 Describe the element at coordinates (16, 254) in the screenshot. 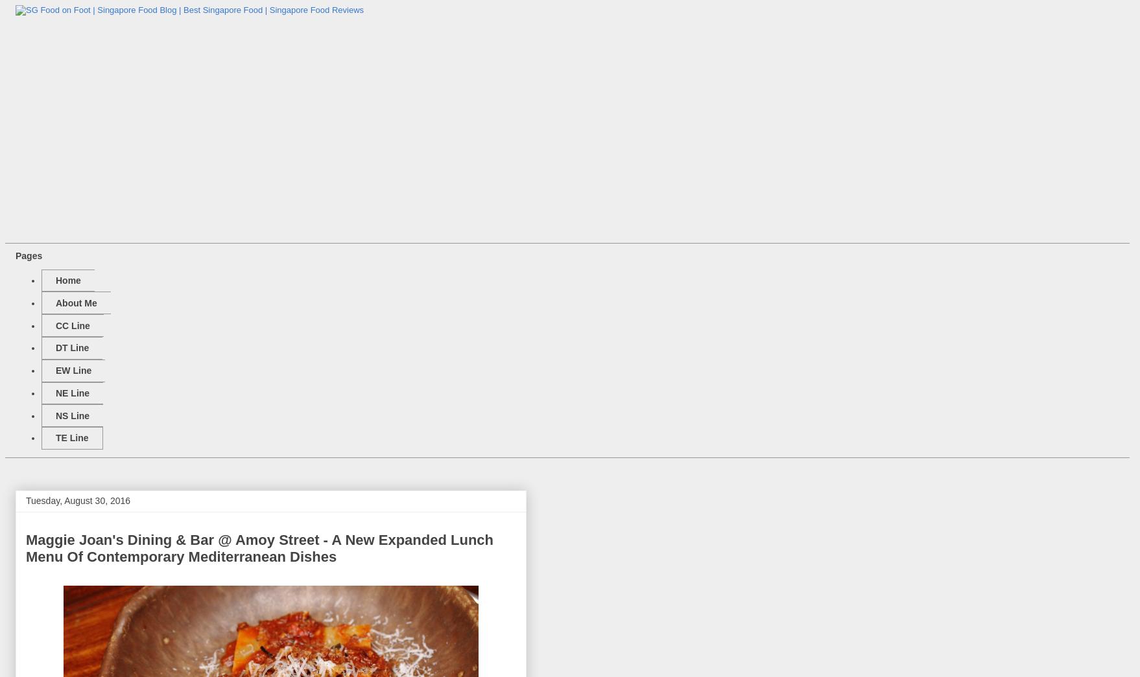

I see `'Pages'` at that location.